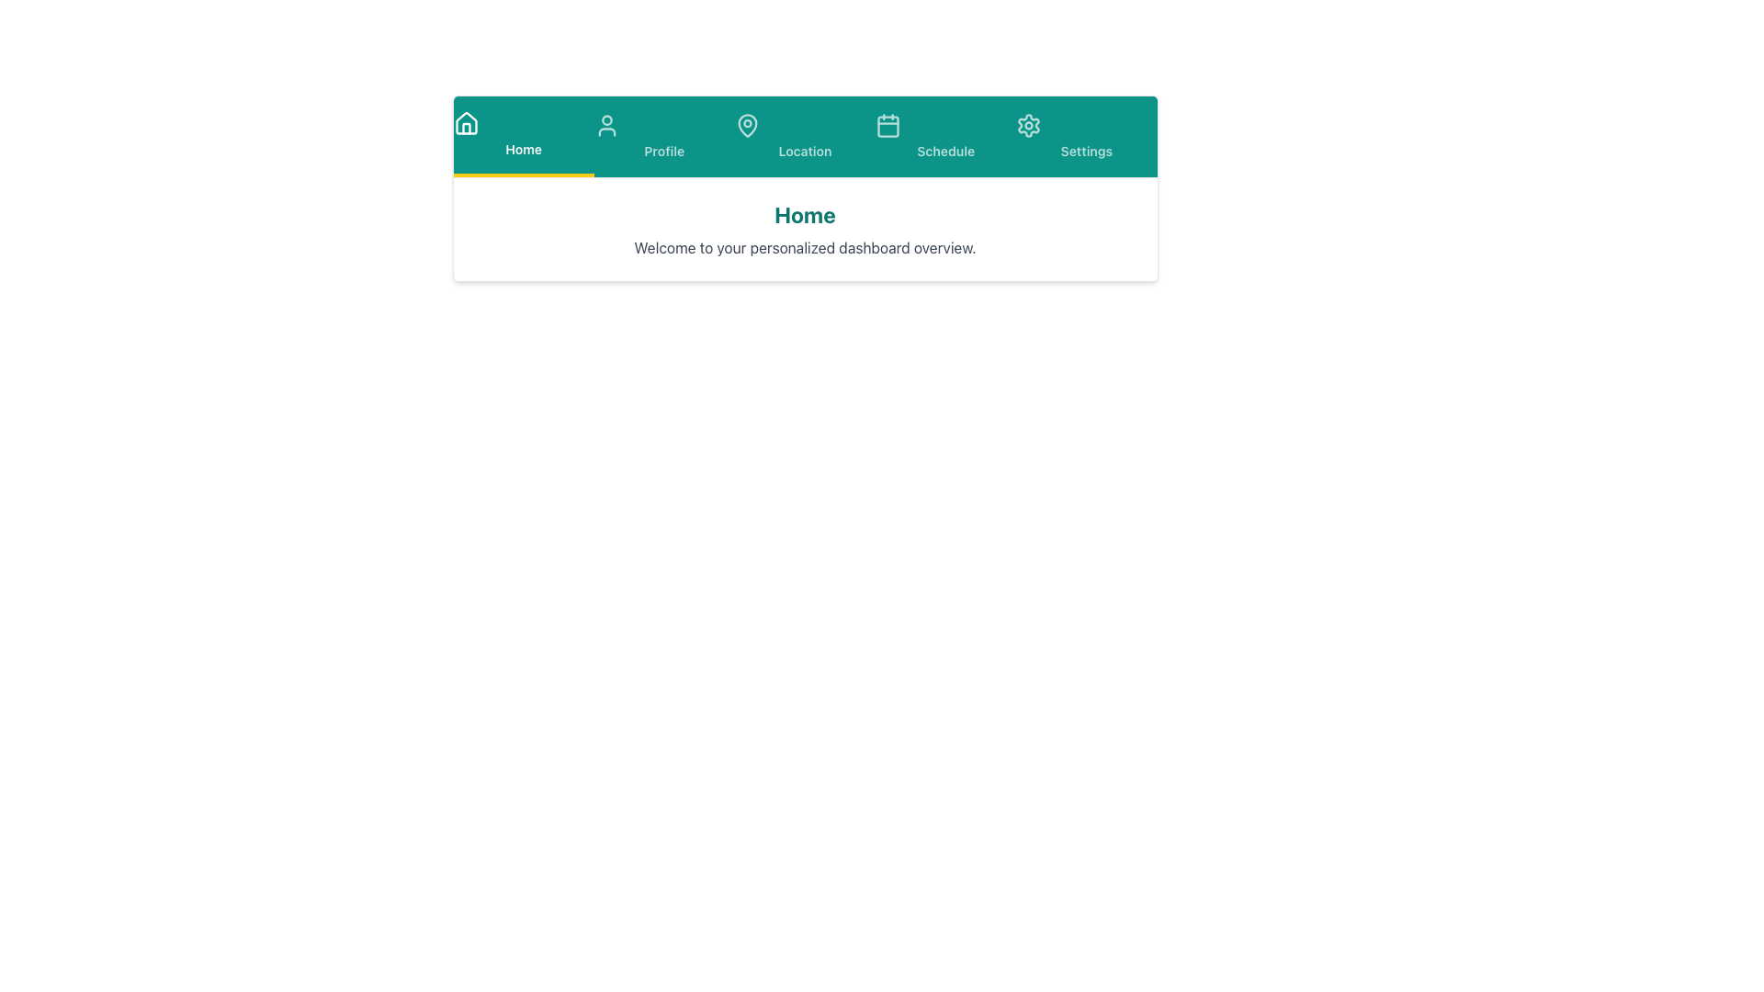 Image resolution: width=1764 pixels, height=992 pixels. Describe the element at coordinates (1086, 136) in the screenshot. I see `the 'Settings' button located at the far right of the navigation bar` at that location.